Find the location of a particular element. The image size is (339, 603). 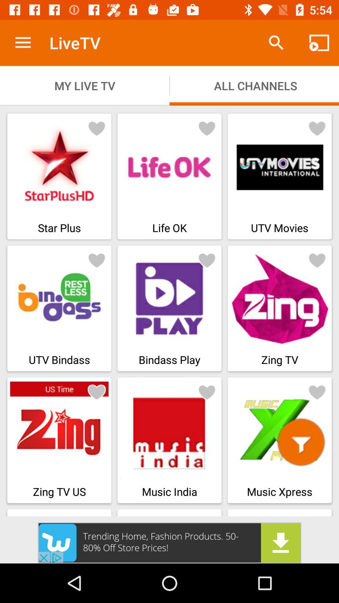

like the option is located at coordinates (317, 260).